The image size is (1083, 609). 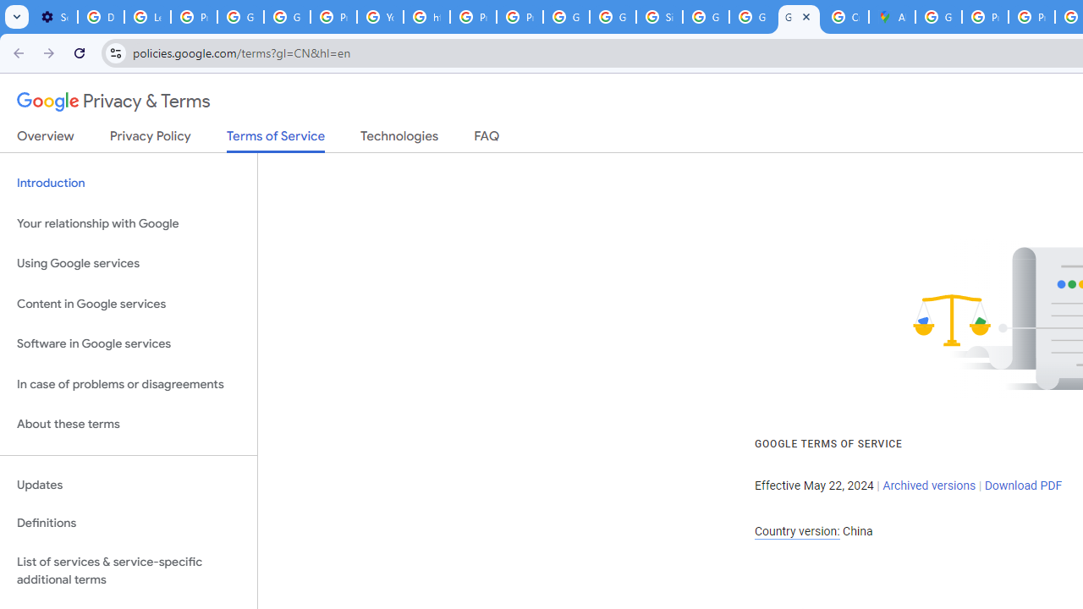 I want to click on 'Privacy Help Center - Policies Help', so click(x=985, y=17).